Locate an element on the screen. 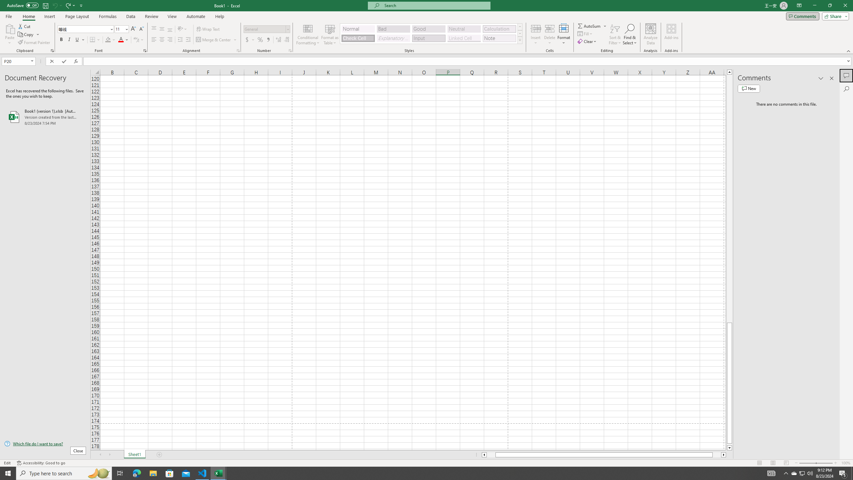 The height and width of the screenshot is (480, 853). 'Bad' is located at coordinates (394, 29).